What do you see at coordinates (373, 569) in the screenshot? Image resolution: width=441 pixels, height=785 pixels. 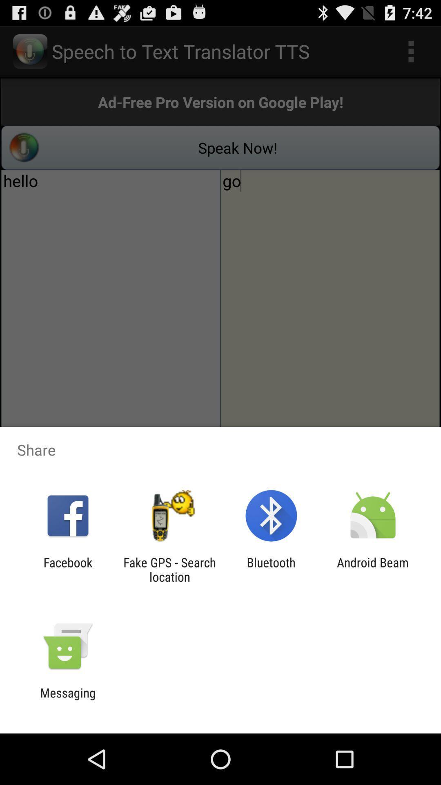 I see `item to the right of the bluetooth` at bounding box center [373, 569].